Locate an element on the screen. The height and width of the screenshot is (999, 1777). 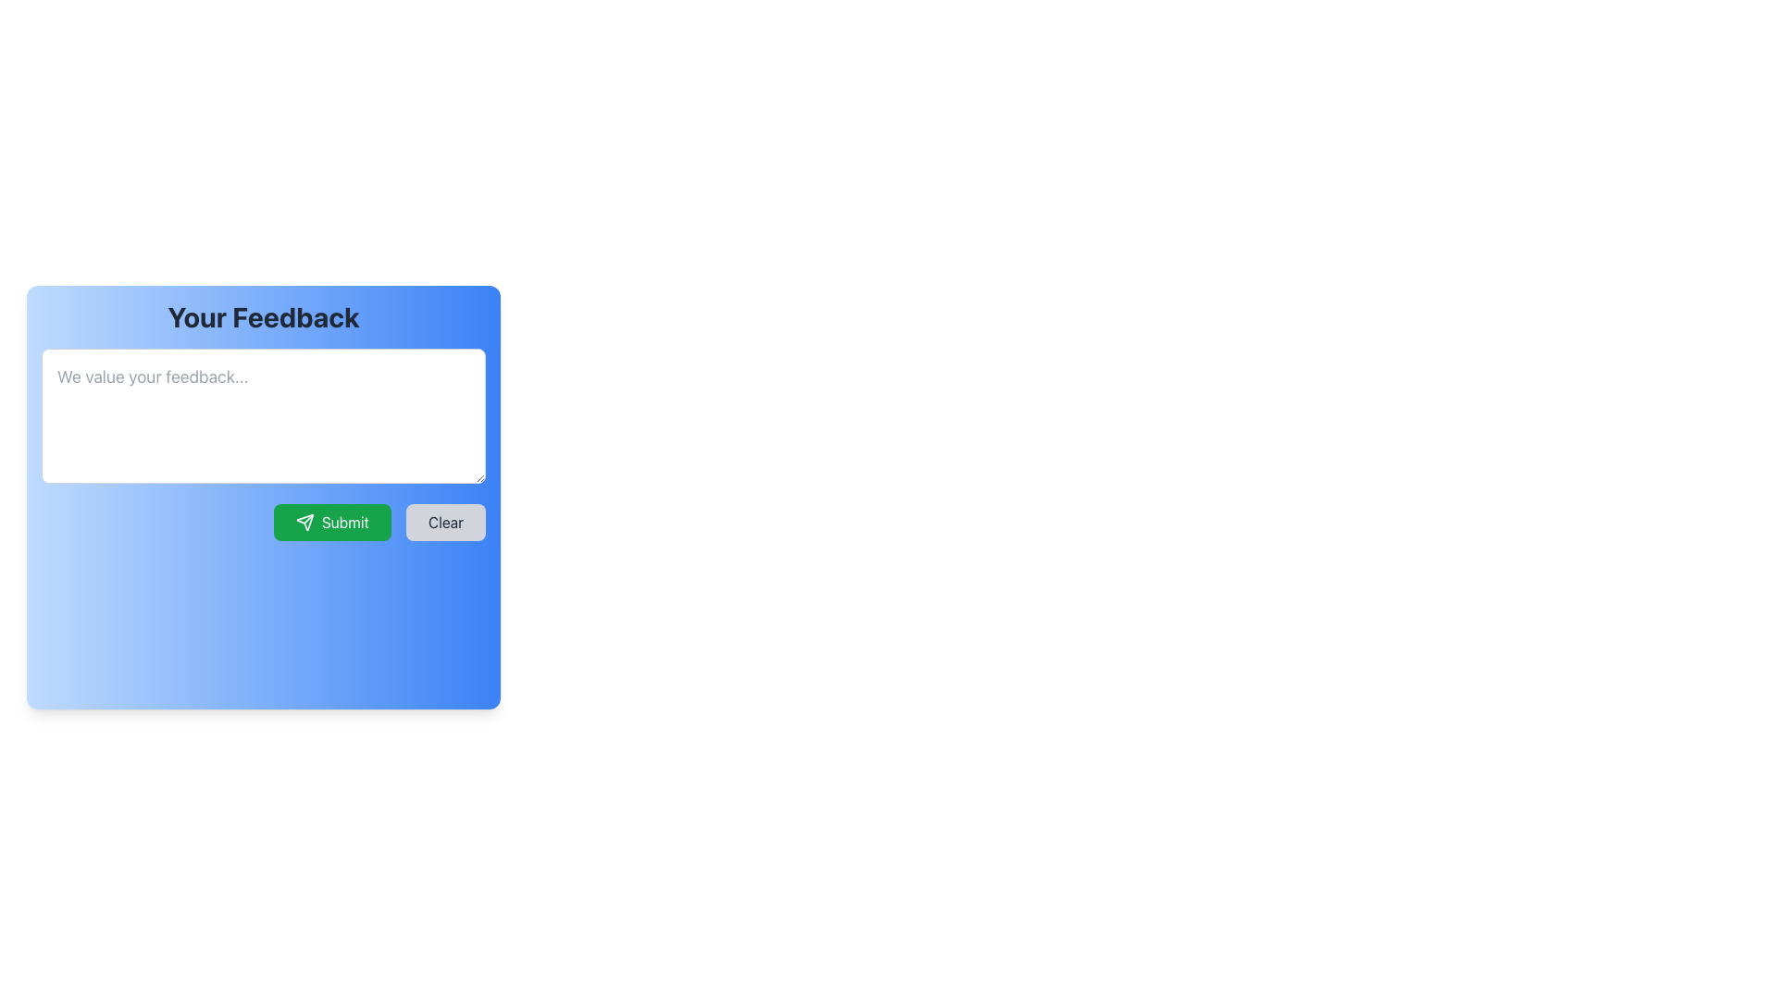
the arrow-like icon within the green 'Submit' button that contains the text 'Submit' in white, located at the bottom-left of the feedback form is located at coordinates (304, 522).